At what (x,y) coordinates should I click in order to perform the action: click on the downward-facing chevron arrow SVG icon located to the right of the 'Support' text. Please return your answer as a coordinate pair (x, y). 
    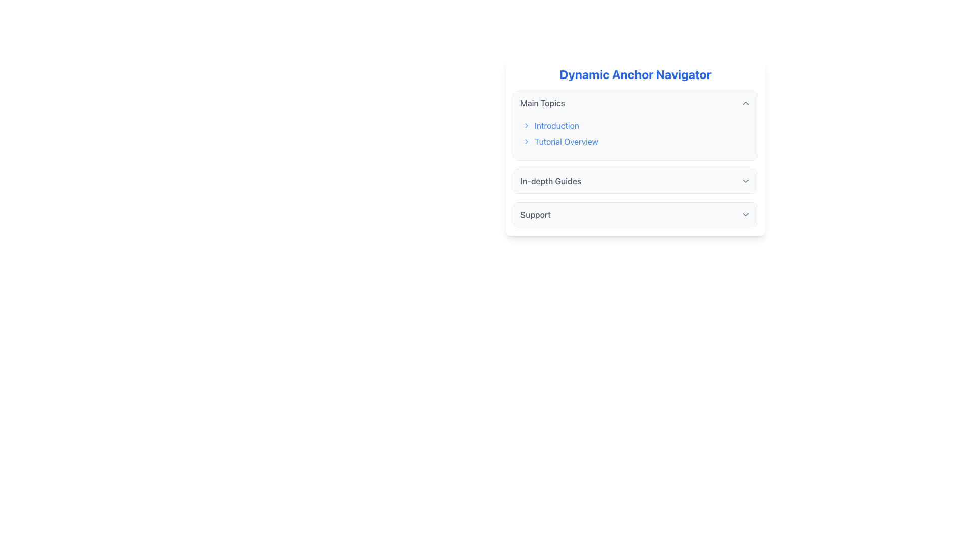
    Looking at the image, I should click on (746, 214).